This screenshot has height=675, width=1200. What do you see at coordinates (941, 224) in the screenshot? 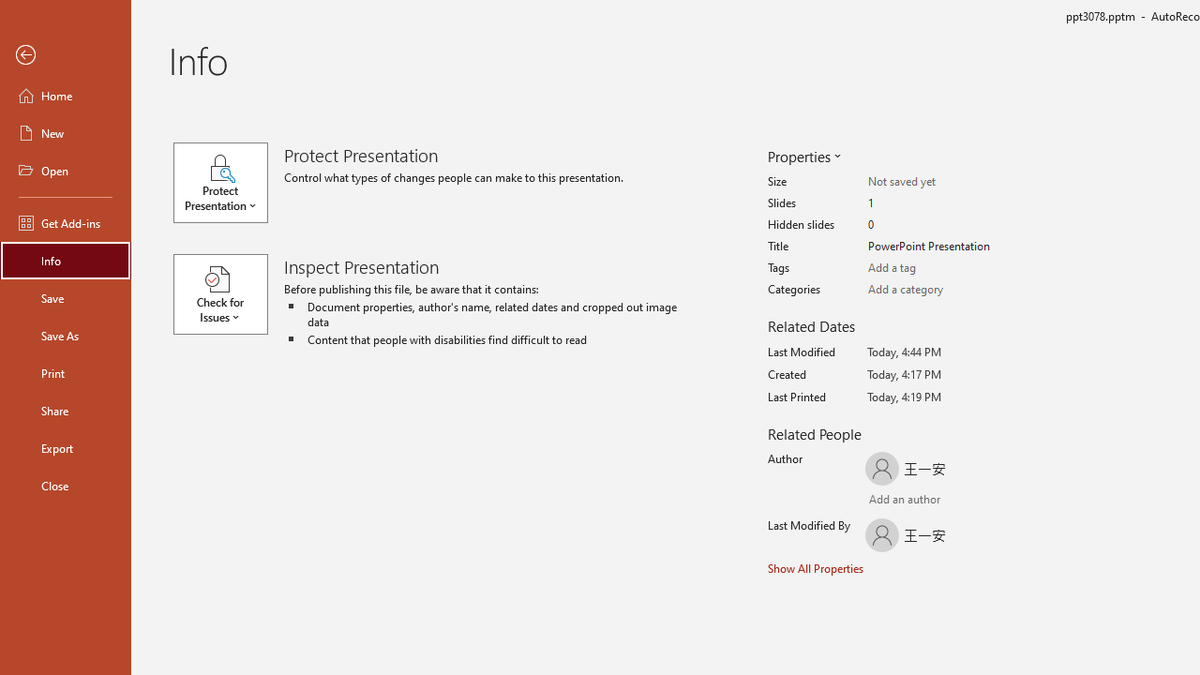
I see `'Hidden slides'` at bounding box center [941, 224].